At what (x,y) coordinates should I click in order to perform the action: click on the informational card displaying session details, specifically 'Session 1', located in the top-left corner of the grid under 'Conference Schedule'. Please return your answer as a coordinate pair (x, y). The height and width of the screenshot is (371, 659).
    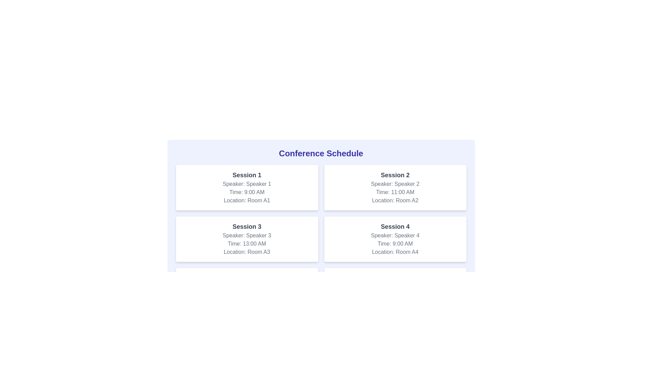
    Looking at the image, I should click on (247, 188).